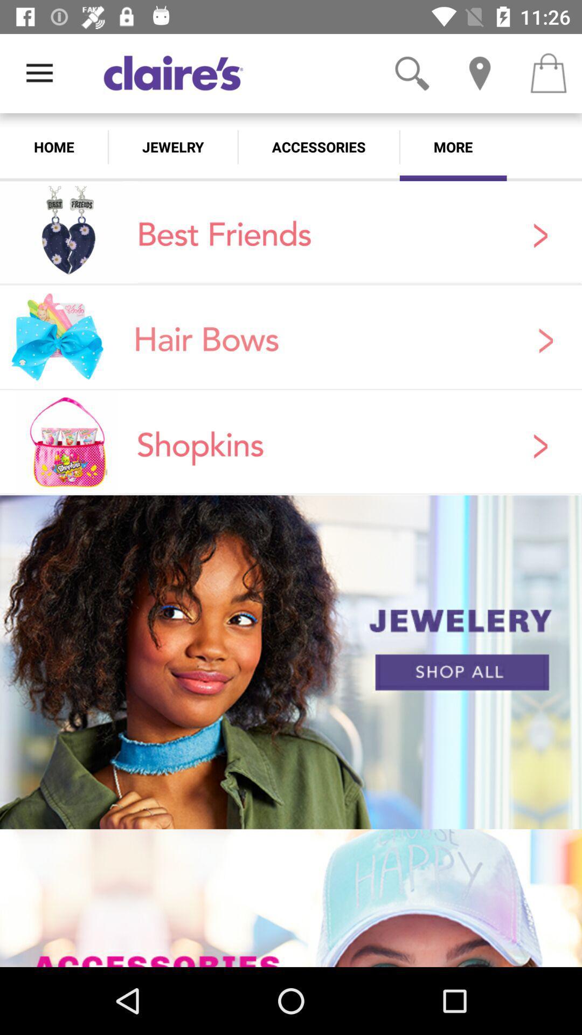 The image size is (582, 1035). What do you see at coordinates (453, 147) in the screenshot?
I see `app to the right of accessories app` at bounding box center [453, 147].